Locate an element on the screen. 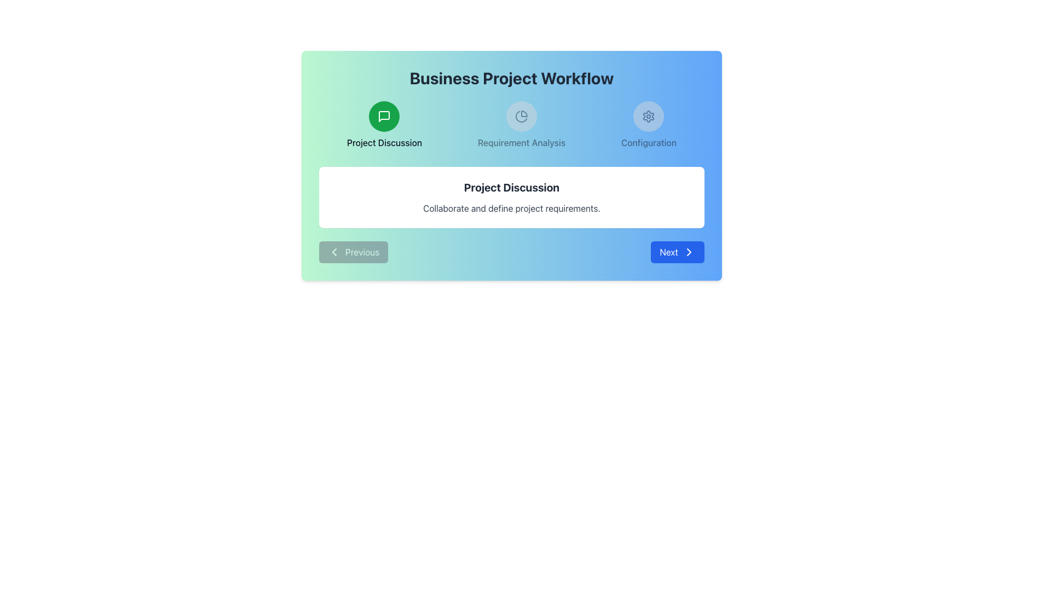 Image resolution: width=1051 pixels, height=591 pixels. the Static Text Label that contains the text 'Collaborate and define project requirements.' which is styled in gray, semi-bold font and located beneath the heading 'Project Discussion.' is located at coordinates (511, 208).